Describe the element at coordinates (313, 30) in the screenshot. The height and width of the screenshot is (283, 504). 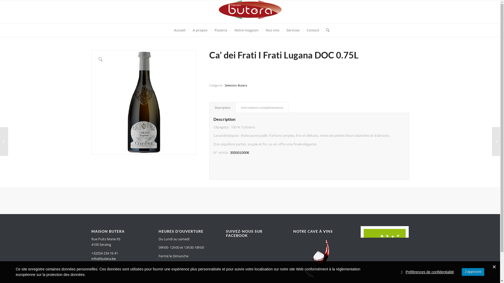
I see `'Contact'` at that location.